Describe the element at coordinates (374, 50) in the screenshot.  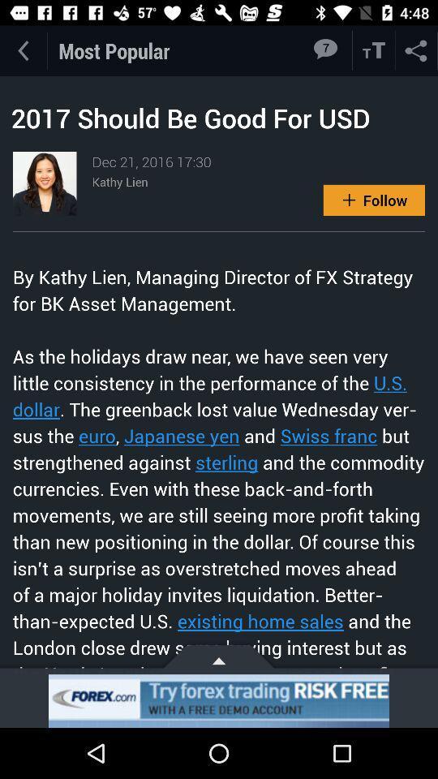
I see `word` at that location.